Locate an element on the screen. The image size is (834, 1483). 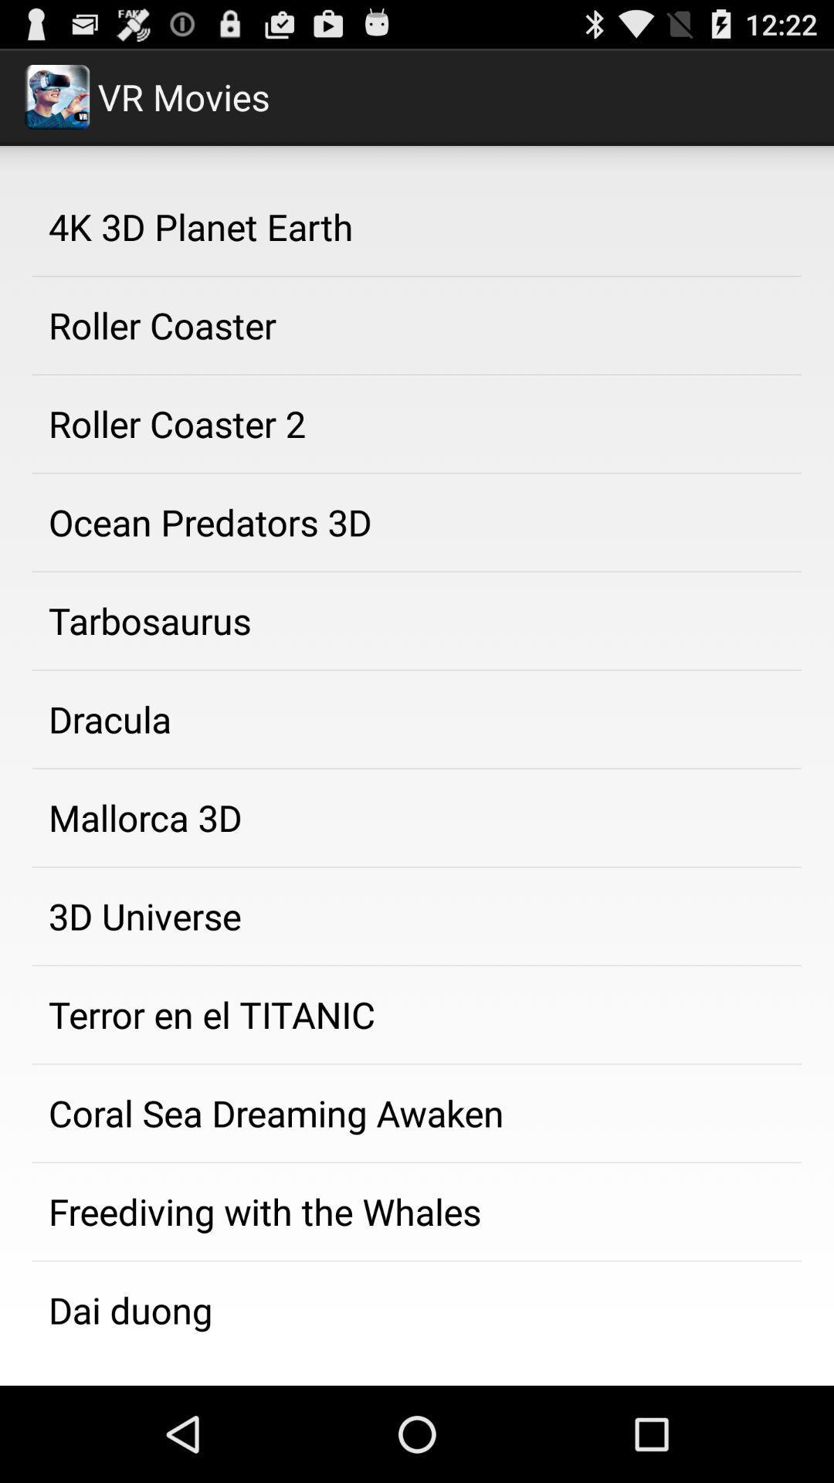
the app above the roller coaster icon is located at coordinates (417, 226).